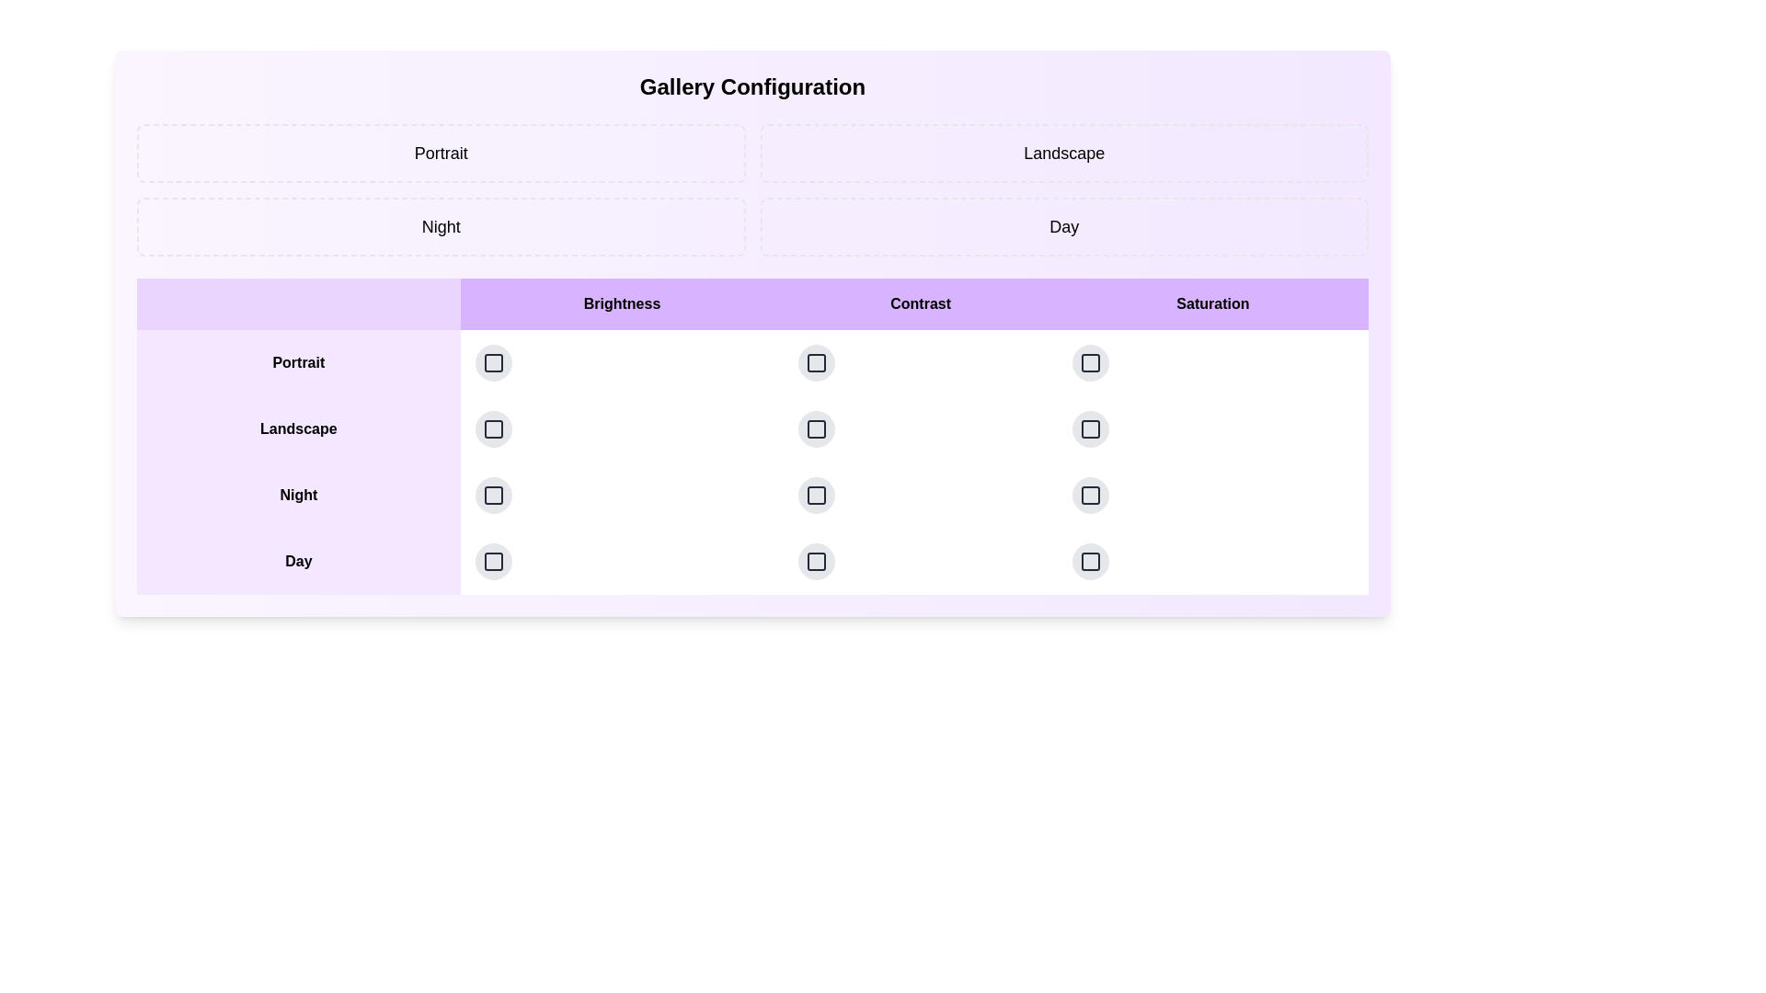 The height and width of the screenshot is (993, 1766). I want to click on the square-shaped gray icon with a thick border located in the bottom-right cell of the 'Saturation' column and 'Day' row, so click(1090, 560).